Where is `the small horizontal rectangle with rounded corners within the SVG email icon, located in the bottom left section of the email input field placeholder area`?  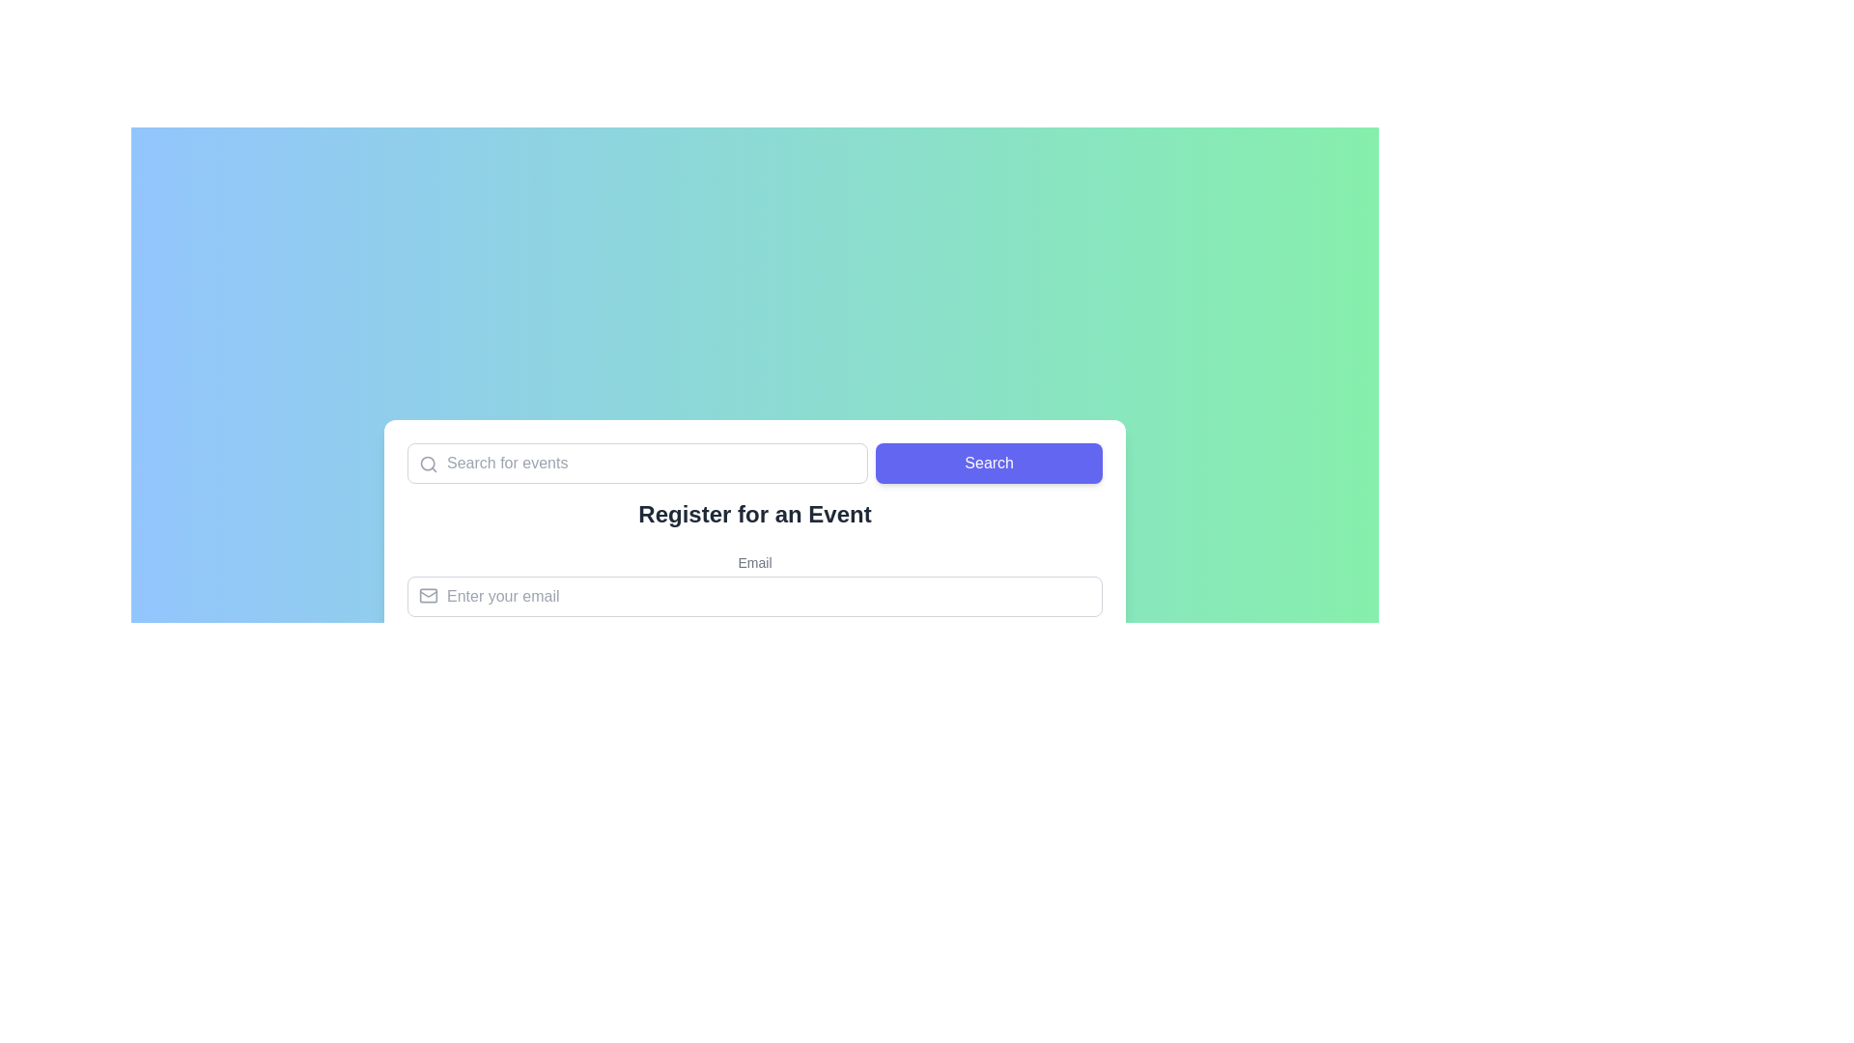 the small horizontal rectangle with rounded corners within the SVG email icon, located in the bottom left section of the email input field placeholder area is located at coordinates (428, 595).